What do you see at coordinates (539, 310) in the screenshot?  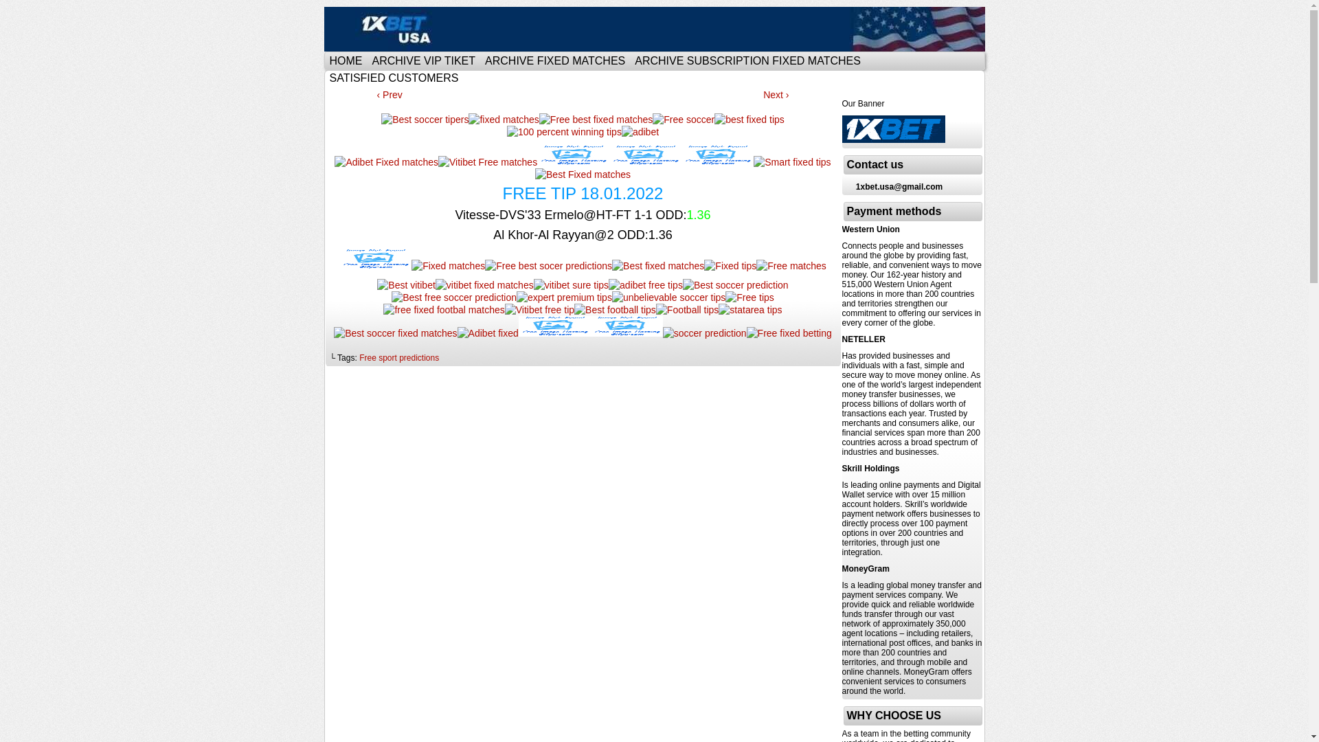 I see `'Vitibet free tip'` at bounding box center [539, 310].